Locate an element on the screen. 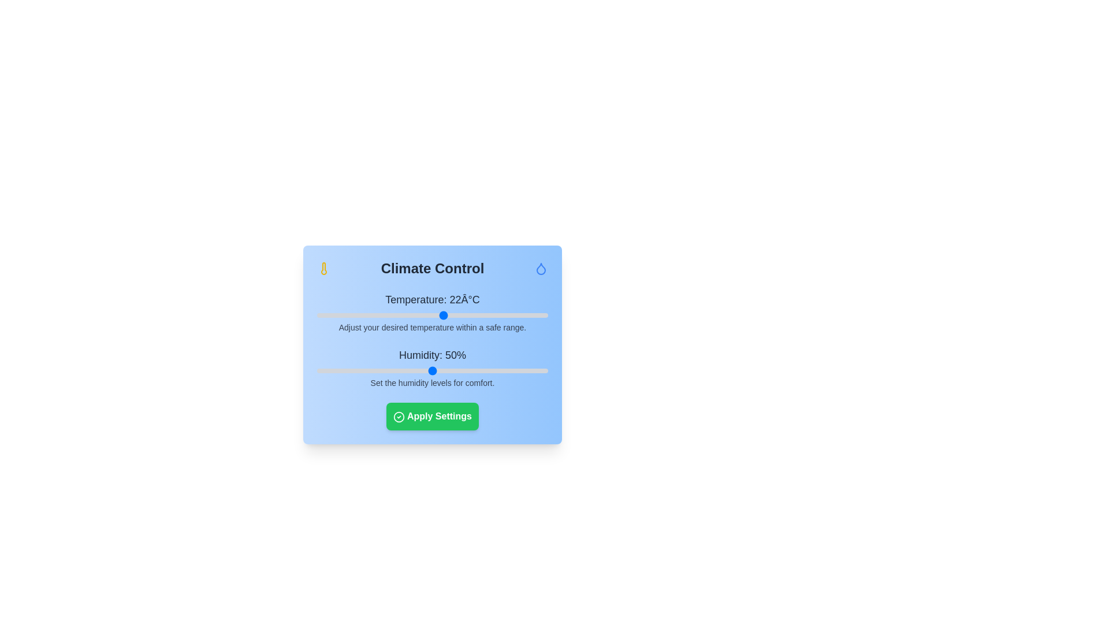 This screenshot has width=1109, height=624. the thermometer icon located in the 'Climate Control' section, positioned at the top-left corner next to the header text 'Climate Control' is located at coordinates (323, 269).